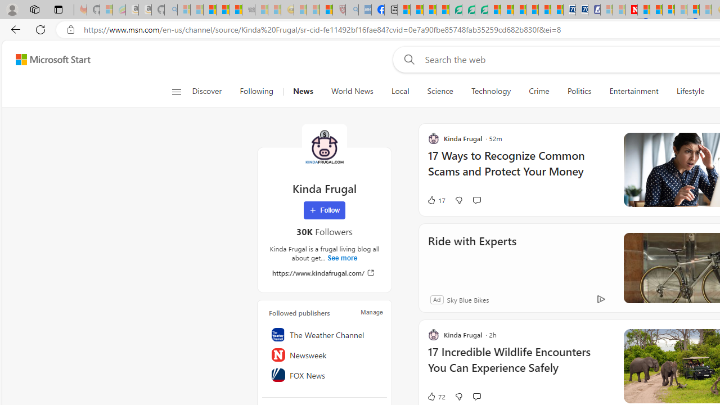 The height and width of the screenshot is (405, 720). Describe the element at coordinates (175, 91) in the screenshot. I see `'Open navigation menu'` at that location.